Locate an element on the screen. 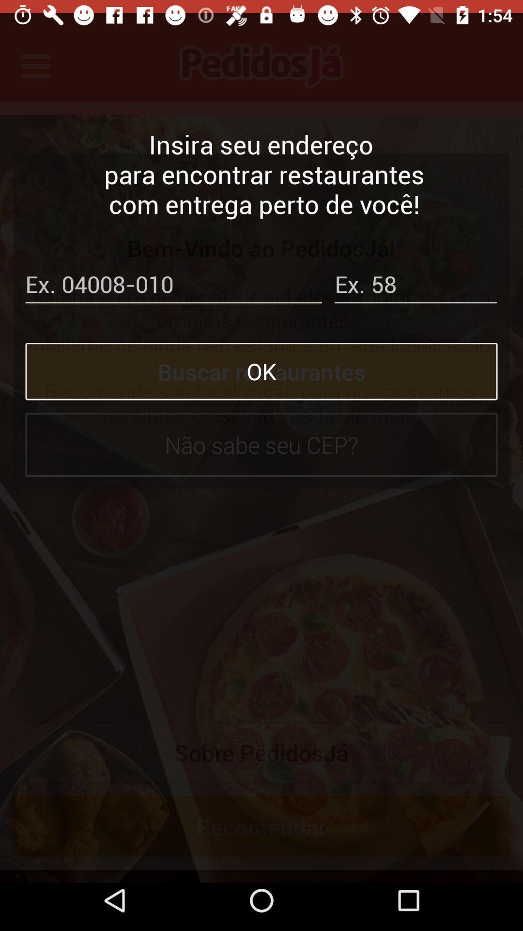 This screenshot has width=523, height=931. ok item is located at coordinates (261, 358).